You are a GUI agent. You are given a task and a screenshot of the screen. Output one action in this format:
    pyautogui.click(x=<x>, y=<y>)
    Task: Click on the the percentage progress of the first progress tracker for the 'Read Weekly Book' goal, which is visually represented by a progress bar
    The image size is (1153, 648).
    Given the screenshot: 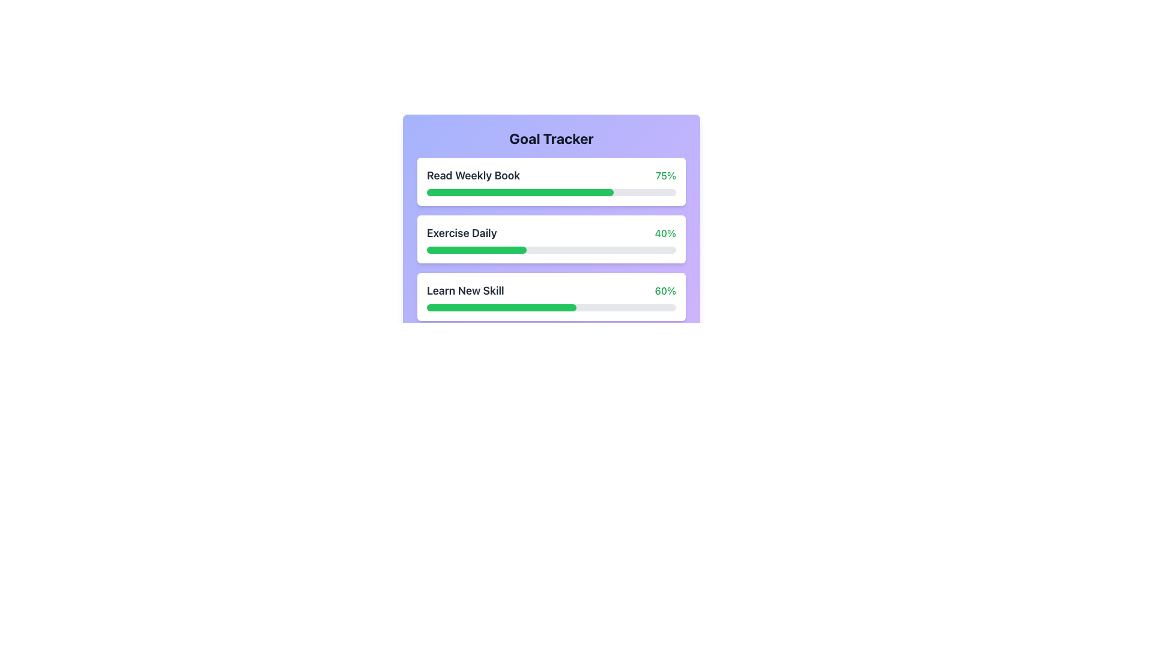 What is the action you would take?
    pyautogui.click(x=551, y=182)
    